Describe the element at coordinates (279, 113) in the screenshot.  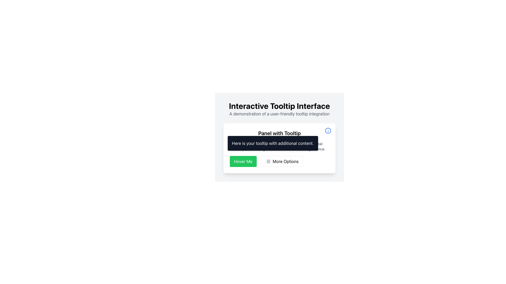
I see `the text element styled in gray that reads 'A demonstration of a user-friendly tooltip integration', located below the title 'Interactive Tooltip Interface'` at that location.